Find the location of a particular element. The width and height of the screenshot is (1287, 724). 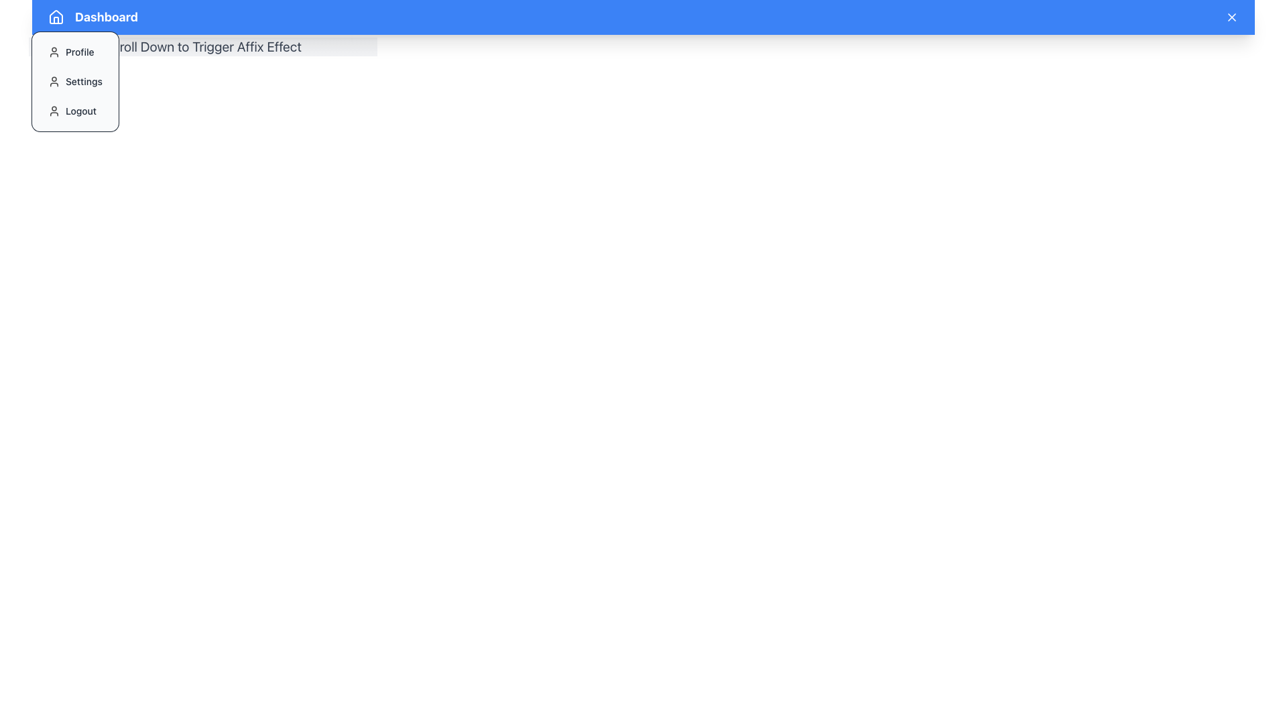

the close icon ('X') located in the top-right corner of the interface to possibly reveal a tooltip is located at coordinates (1232, 17).